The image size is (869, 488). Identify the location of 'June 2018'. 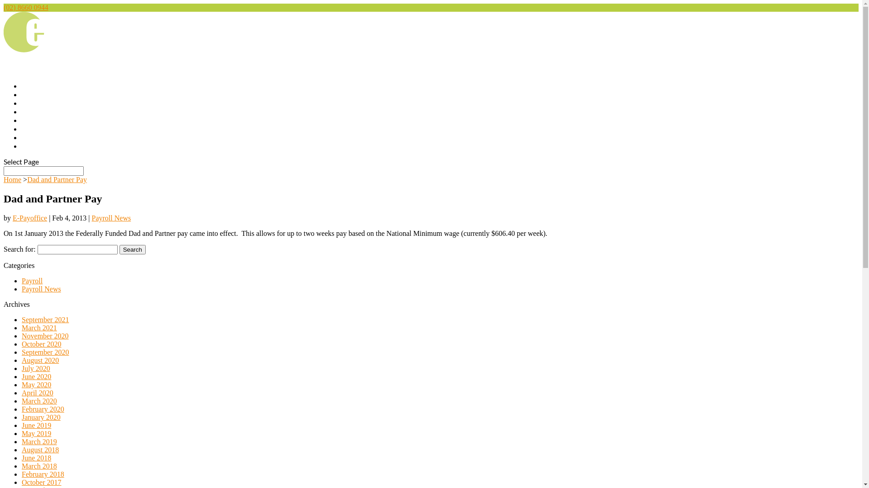
(36, 458).